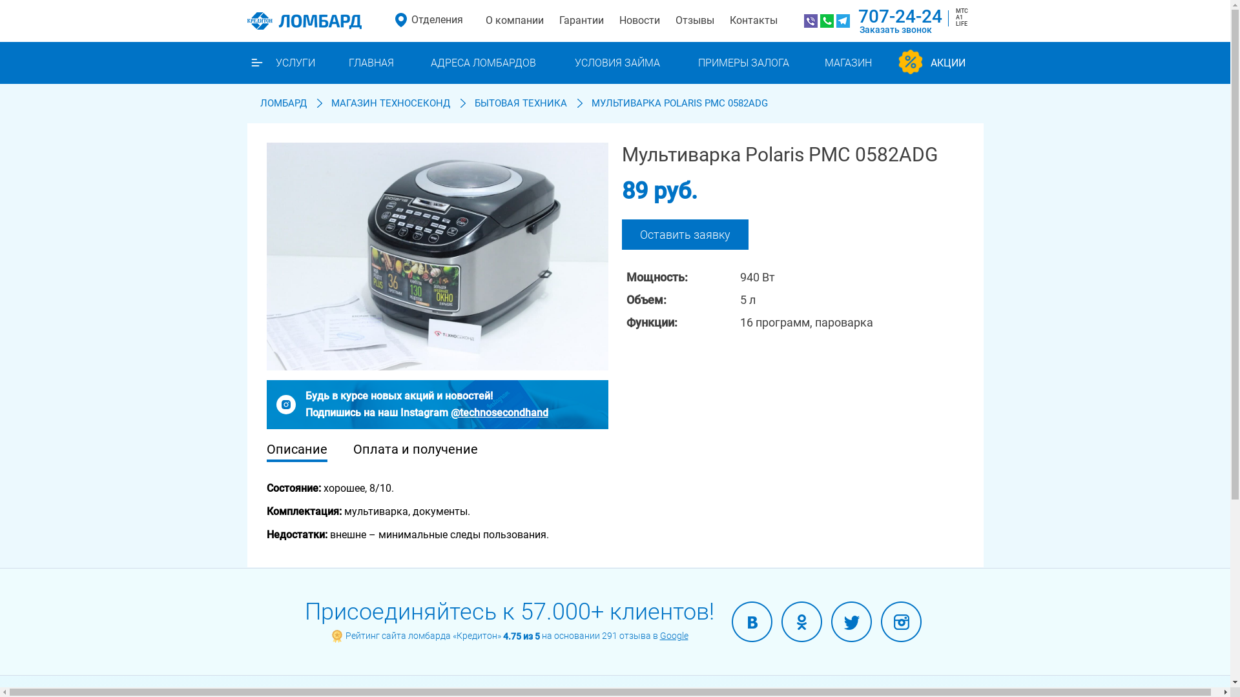 The height and width of the screenshot is (697, 1240). What do you see at coordinates (450, 412) in the screenshot?
I see `'@technosecondhand'` at bounding box center [450, 412].